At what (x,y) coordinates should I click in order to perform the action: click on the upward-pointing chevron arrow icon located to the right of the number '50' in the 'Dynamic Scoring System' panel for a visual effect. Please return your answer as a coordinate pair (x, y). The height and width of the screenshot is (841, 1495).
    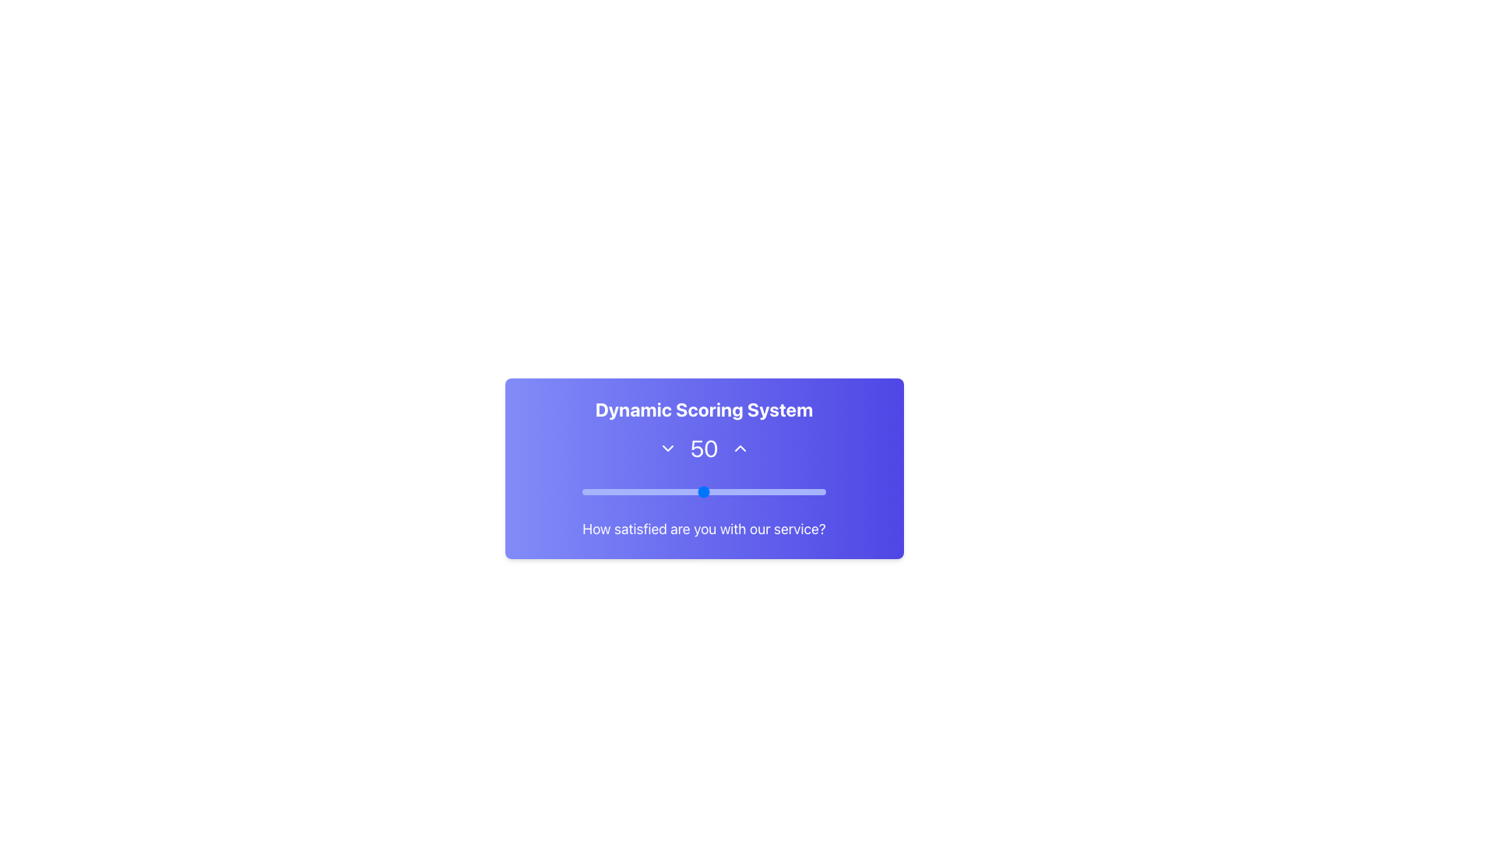
    Looking at the image, I should click on (739, 448).